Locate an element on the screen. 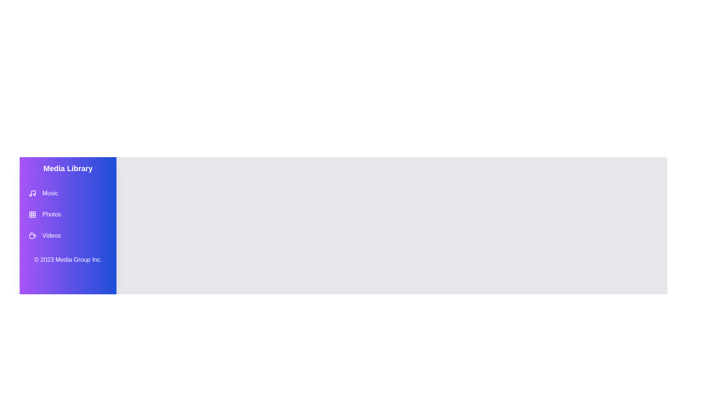 This screenshot has width=726, height=408. the Videos category to navigate to it is located at coordinates (68, 235).